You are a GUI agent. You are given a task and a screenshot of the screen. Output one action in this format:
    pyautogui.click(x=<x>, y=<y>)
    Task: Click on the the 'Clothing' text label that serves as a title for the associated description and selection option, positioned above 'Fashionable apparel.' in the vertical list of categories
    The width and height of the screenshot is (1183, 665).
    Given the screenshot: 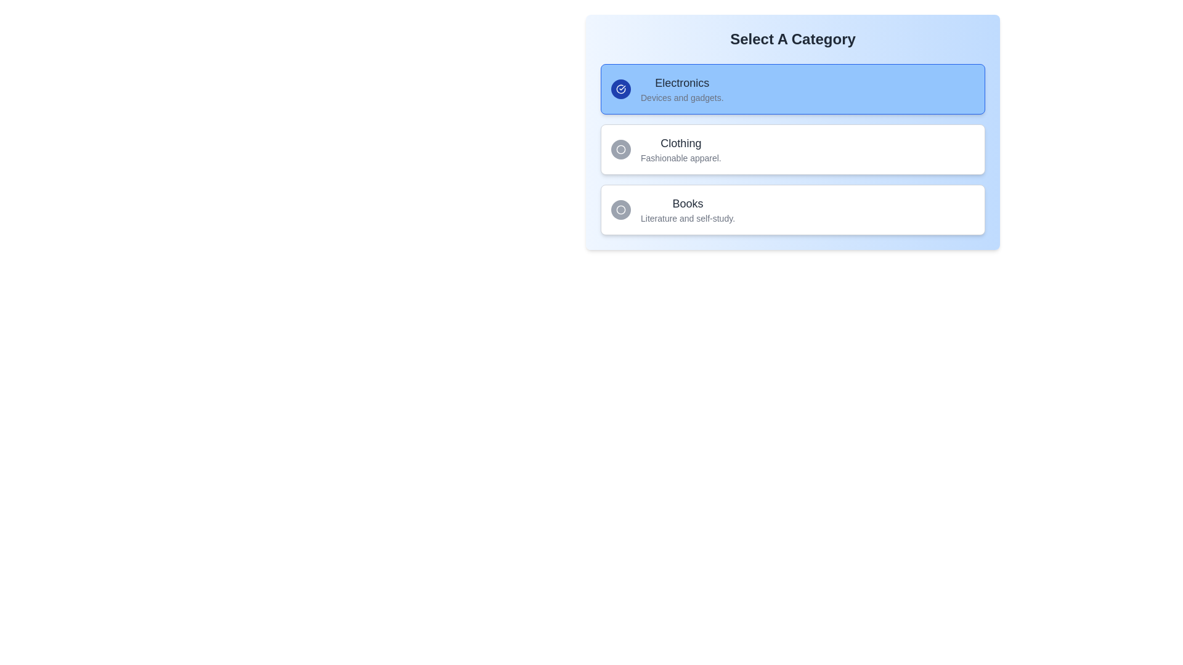 What is the action you would take?
    pyautogui.click(x=680, y=142)
    